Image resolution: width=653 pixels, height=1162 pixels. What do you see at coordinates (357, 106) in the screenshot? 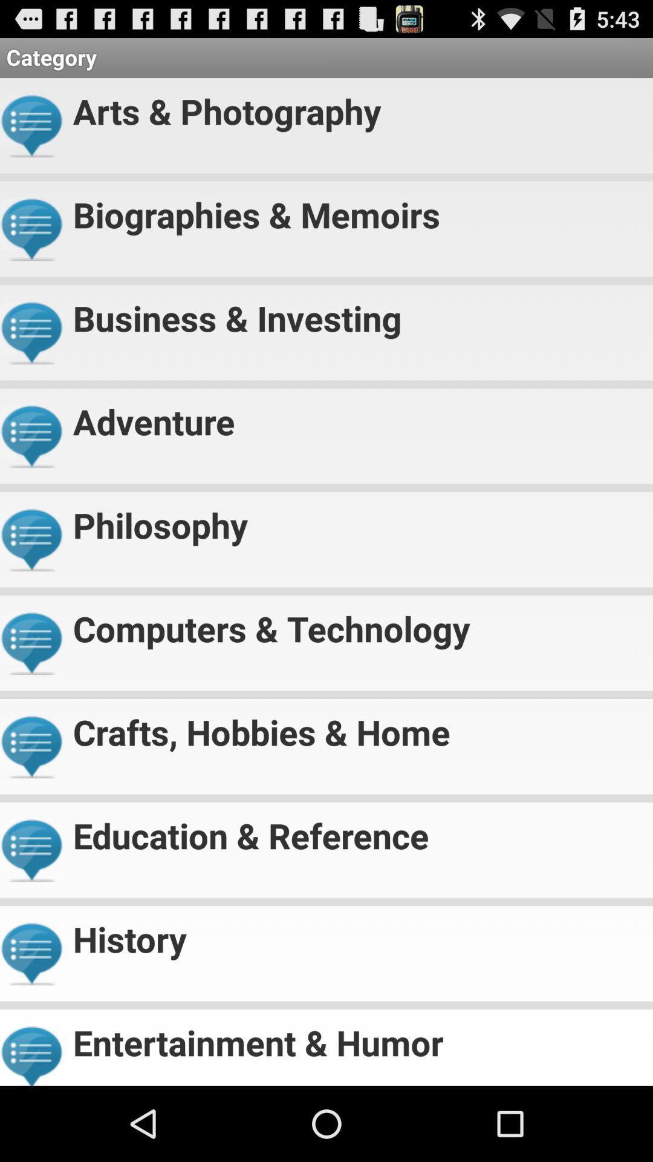
I see `the arts & photography  app` at bounding box center [357, 106].